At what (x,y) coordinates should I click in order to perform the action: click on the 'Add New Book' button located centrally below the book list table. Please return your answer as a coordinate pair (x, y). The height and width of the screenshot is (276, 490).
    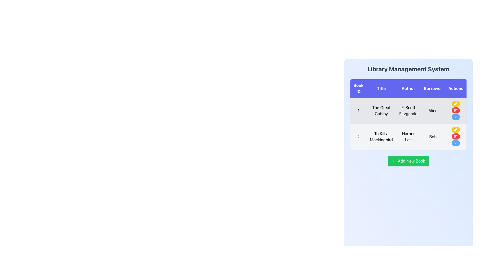
    Looking at the image, I should click on (408, 160).